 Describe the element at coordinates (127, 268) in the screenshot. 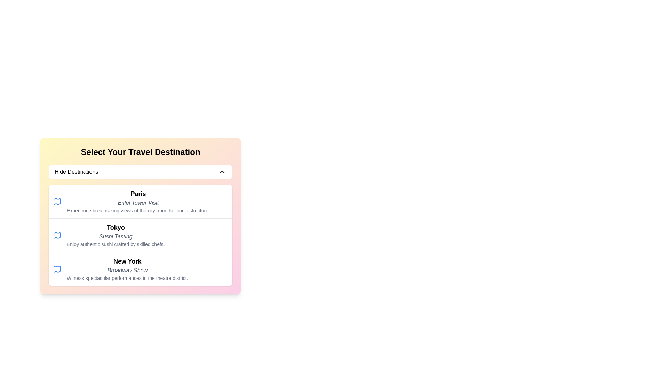

I see `the third list item representing the travel destination 'New York'` at that location.